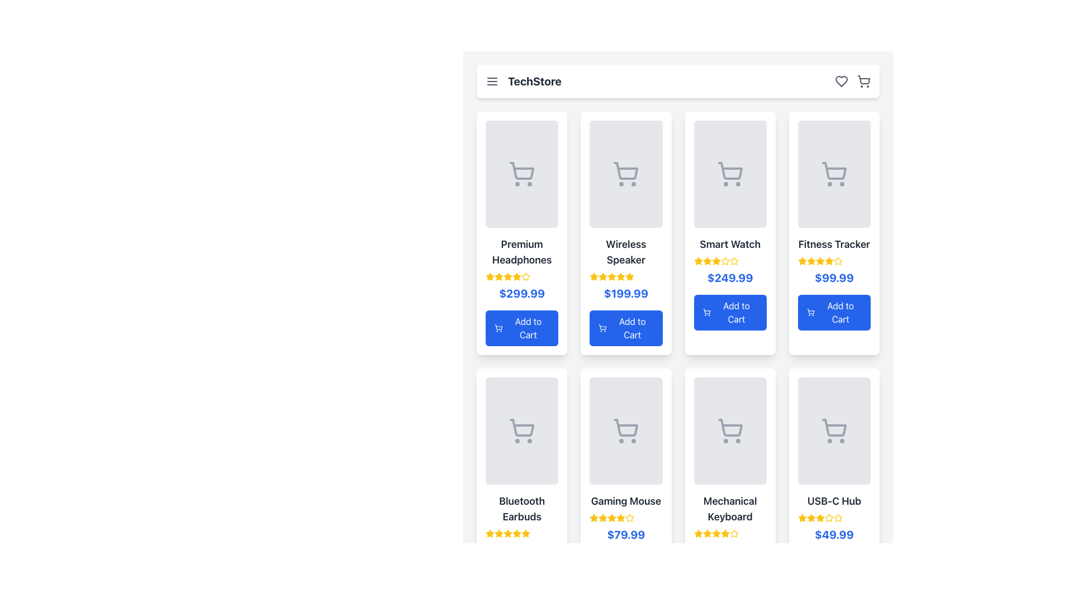 The height and width of the screenshot is (603, 1073). Describe the element at coordinates (834, 174) in the screenshot. I see `the shopping cart icon representing the 'Fitness Tracker' product, which is styled in a minimalistic manner with a black outline and located in the central area of its card` at that location.